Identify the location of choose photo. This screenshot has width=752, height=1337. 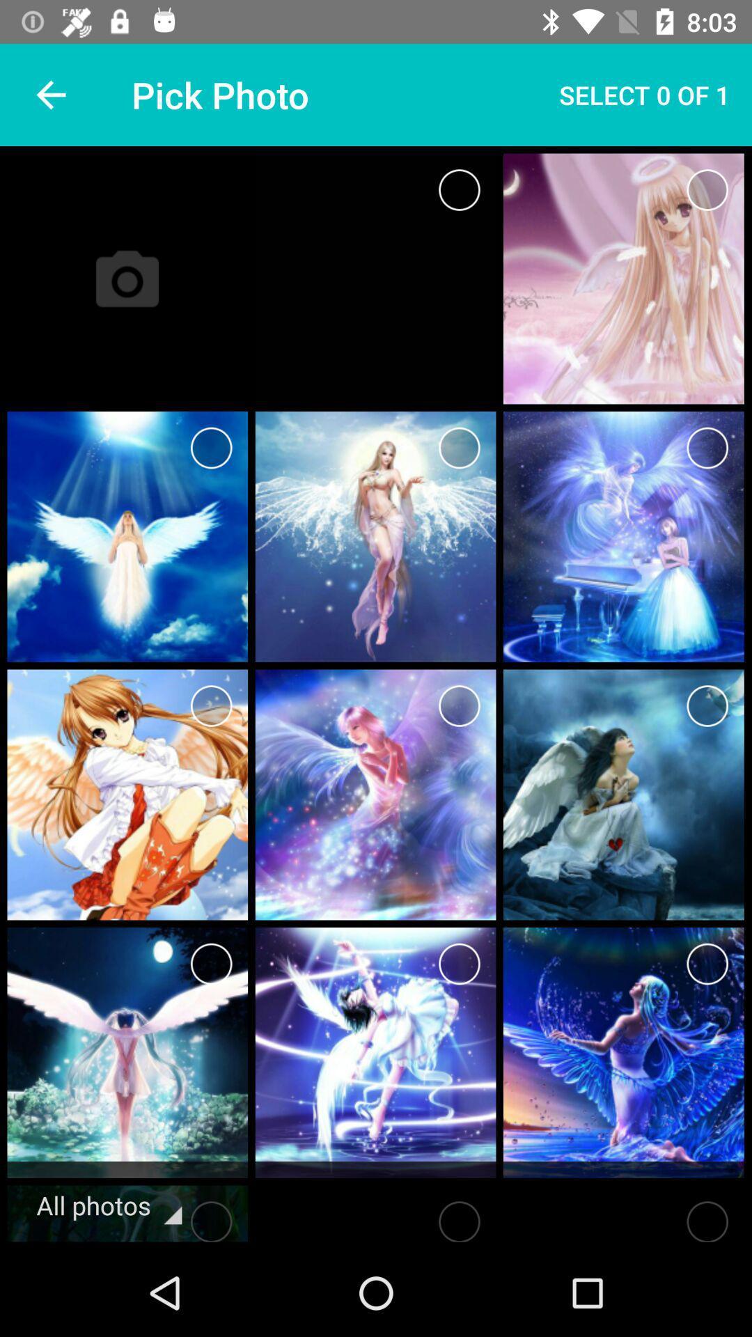
(459, 705).